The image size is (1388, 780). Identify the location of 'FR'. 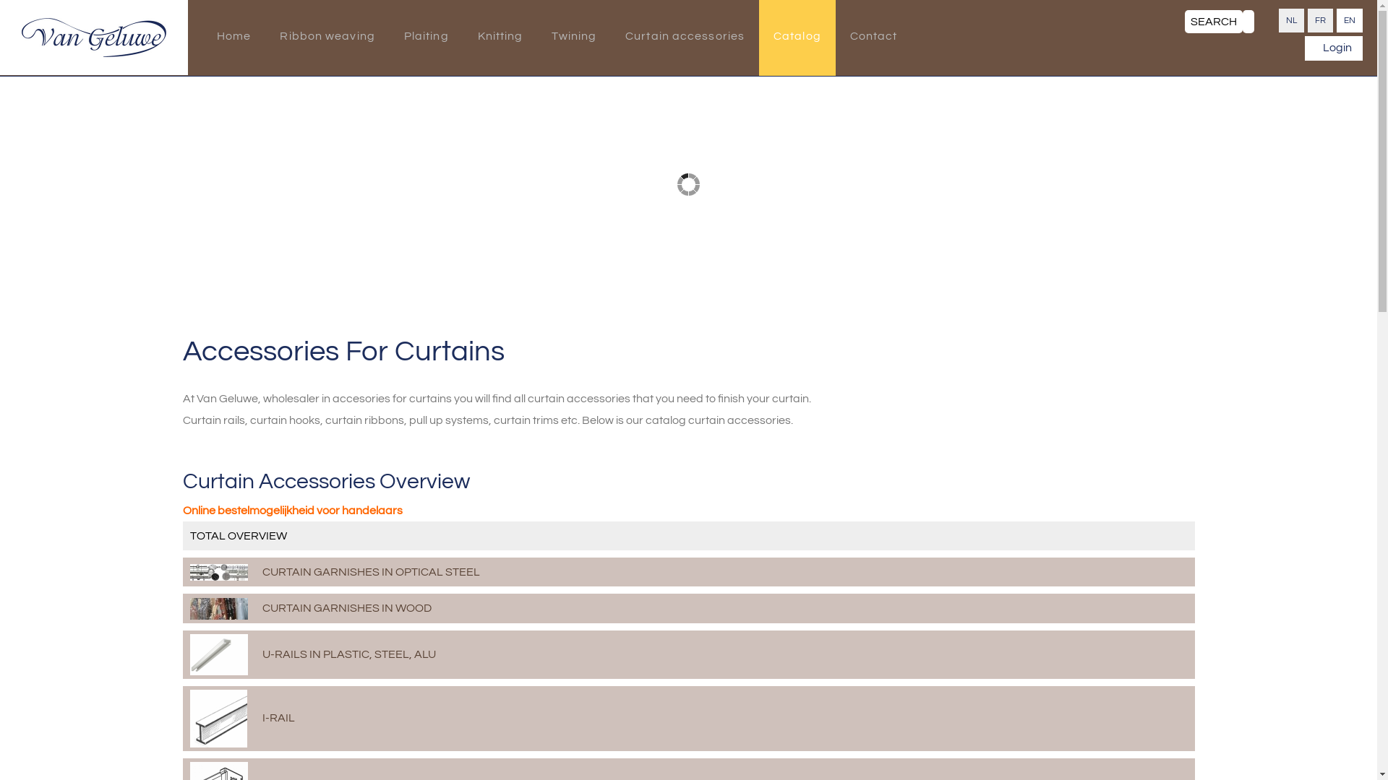
(1308, 20).